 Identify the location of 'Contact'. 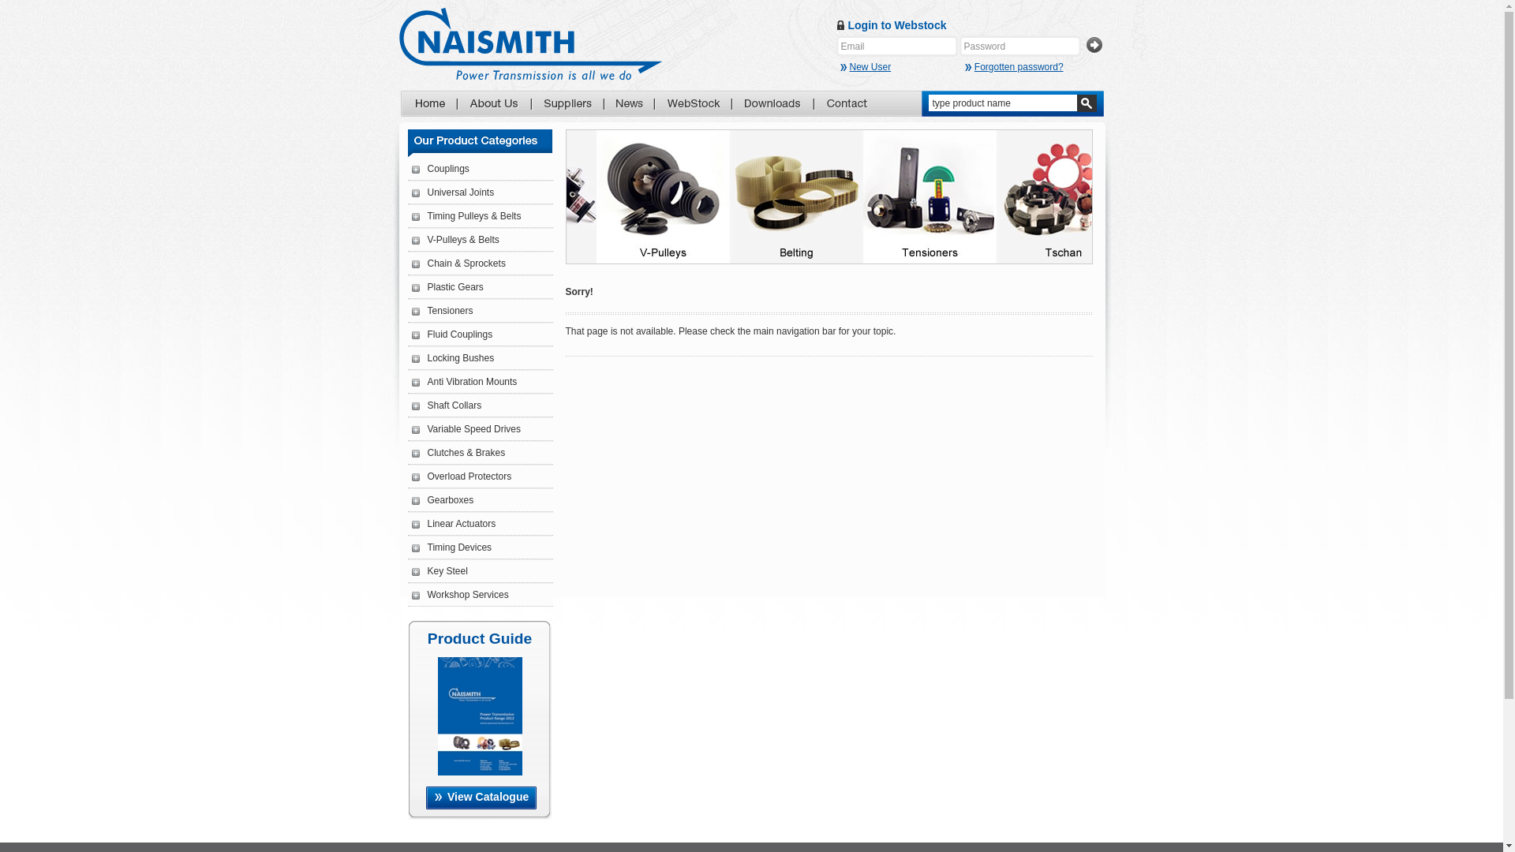
(846, 103).